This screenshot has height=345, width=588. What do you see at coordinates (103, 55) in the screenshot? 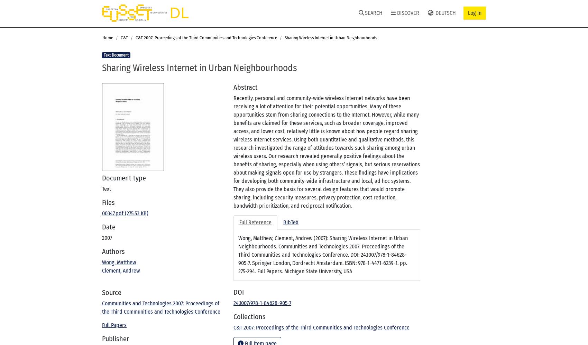
I see `'Text Document'` at bounding box center [103, 55].